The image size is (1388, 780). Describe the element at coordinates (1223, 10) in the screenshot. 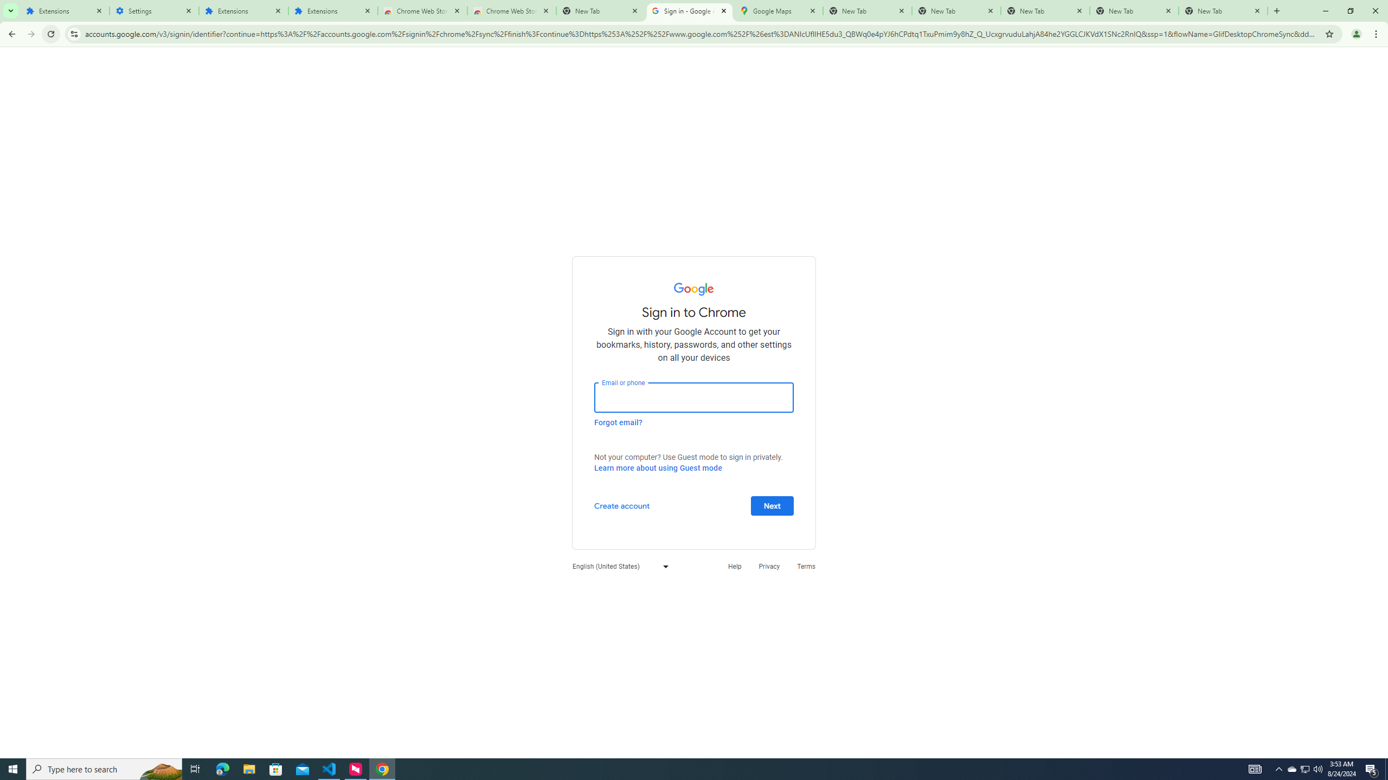

I see `'New Tab'` at that location.